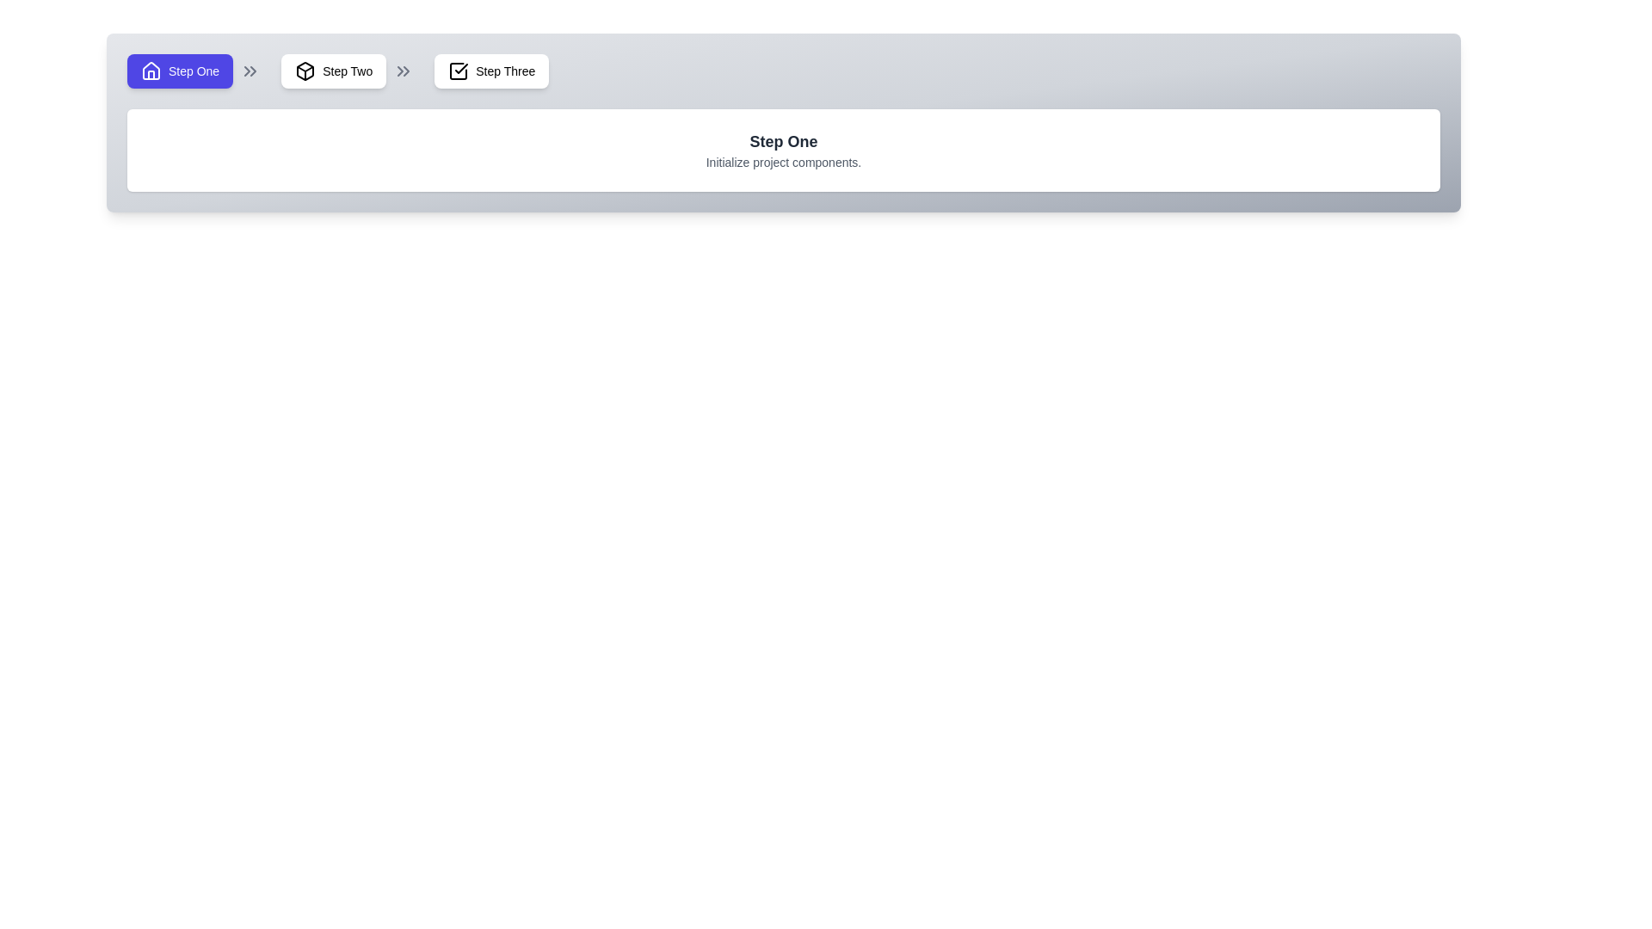 The width and height of the screenshot is (1652, 929). What do you see at coordinates (250, 71) in the screenshot?
I see `the navigation icon located in the navigation bar, positioned immediately to the right of the 'Step One' button` at bounding box center [250, 71].